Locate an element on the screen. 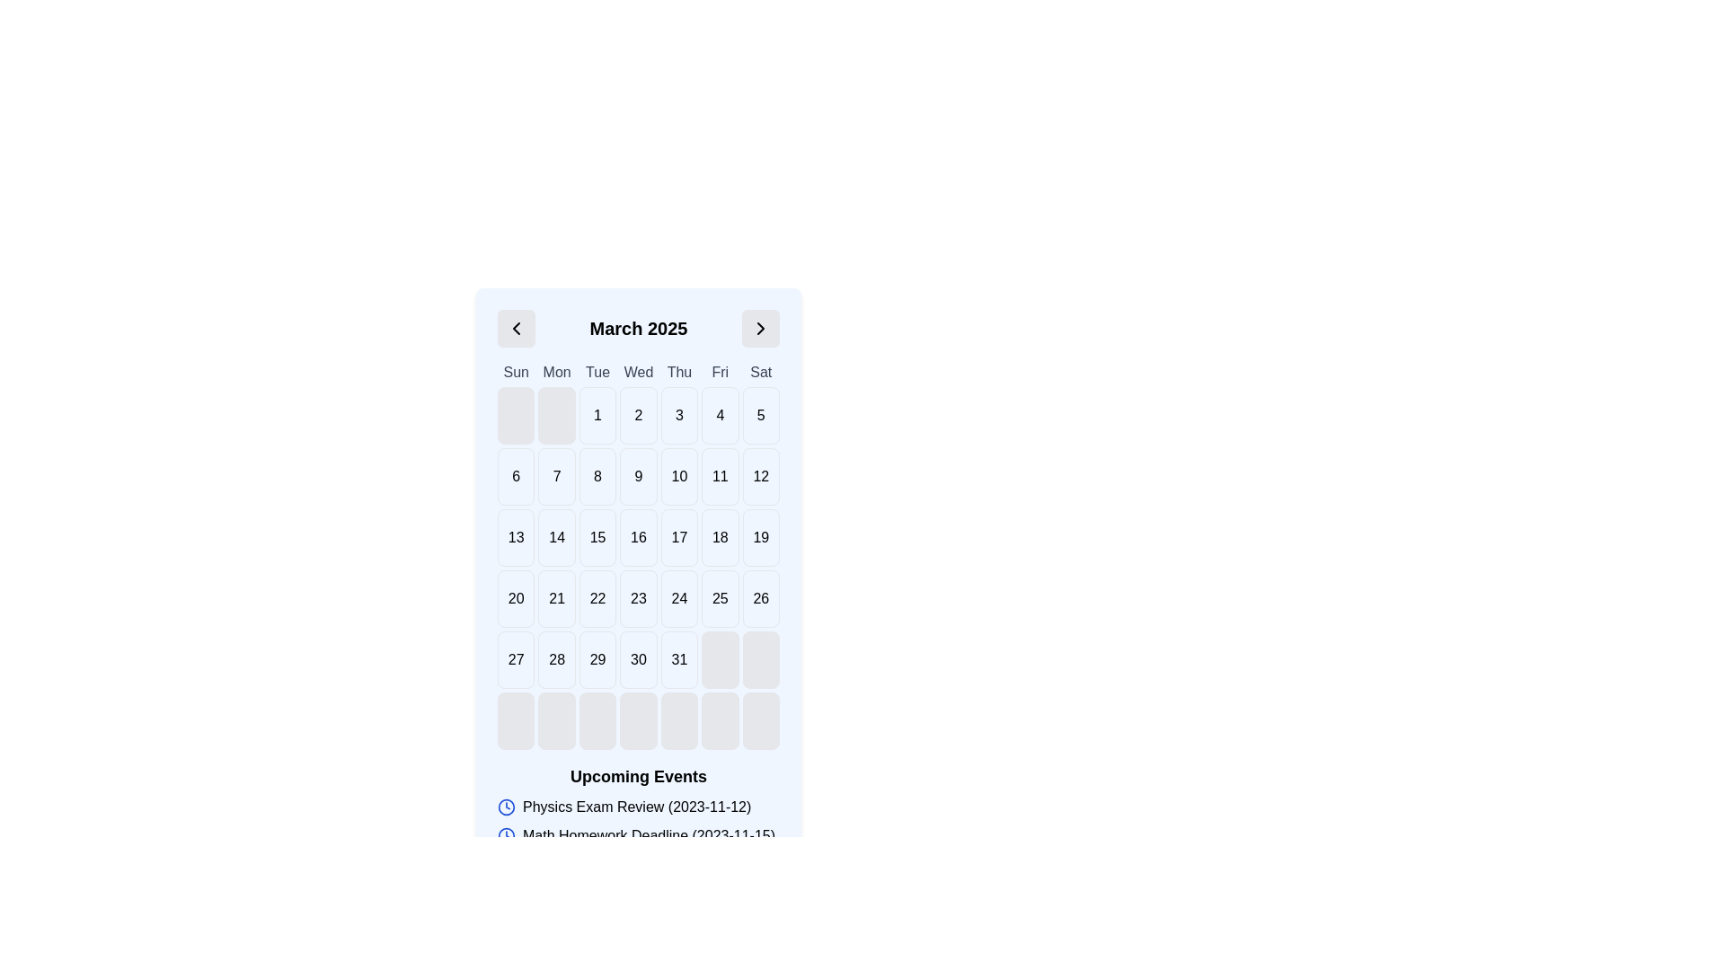 The width and height of the screenshot is (1725, 970). the empty grid cell located at the bottom-left corner of the calendar grid is located at coordinates (515, 719).